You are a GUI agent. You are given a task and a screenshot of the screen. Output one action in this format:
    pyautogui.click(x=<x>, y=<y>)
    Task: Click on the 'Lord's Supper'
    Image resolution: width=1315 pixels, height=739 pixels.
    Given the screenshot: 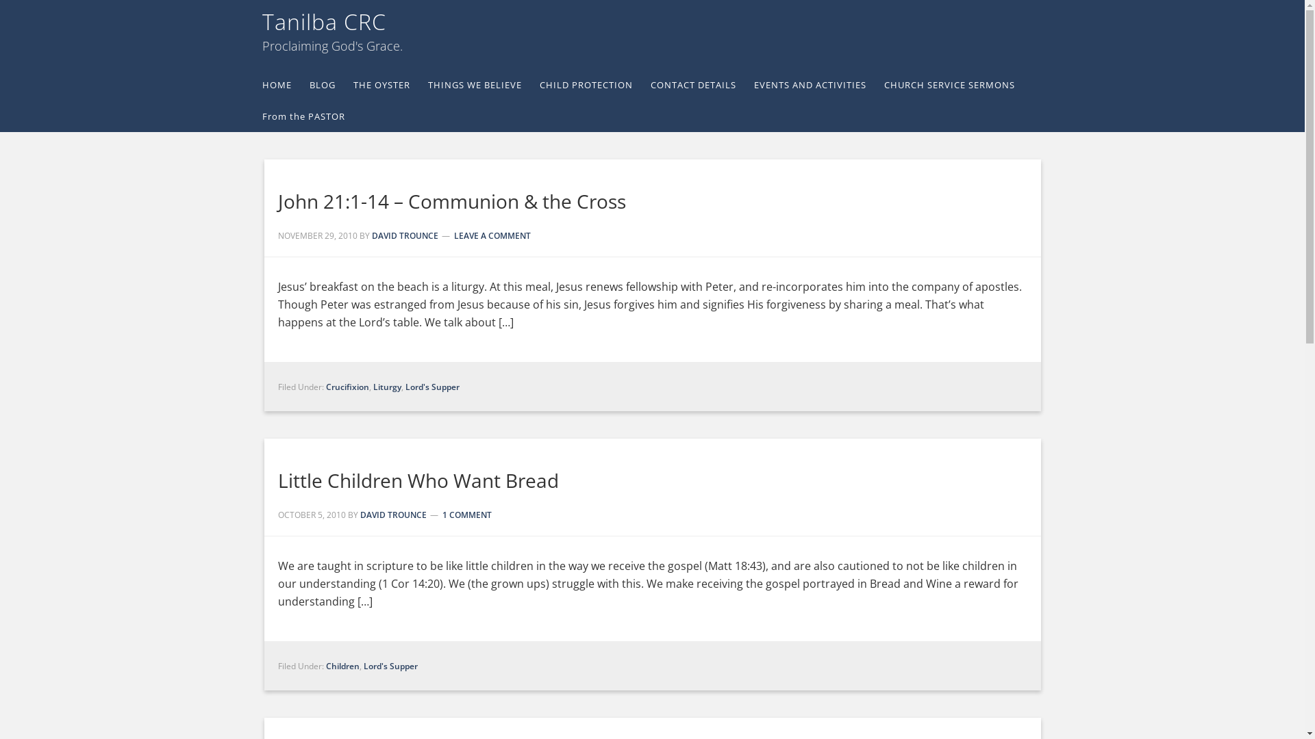 What is the action you would take?
    pyautogui.click(x=431, y=386)
    